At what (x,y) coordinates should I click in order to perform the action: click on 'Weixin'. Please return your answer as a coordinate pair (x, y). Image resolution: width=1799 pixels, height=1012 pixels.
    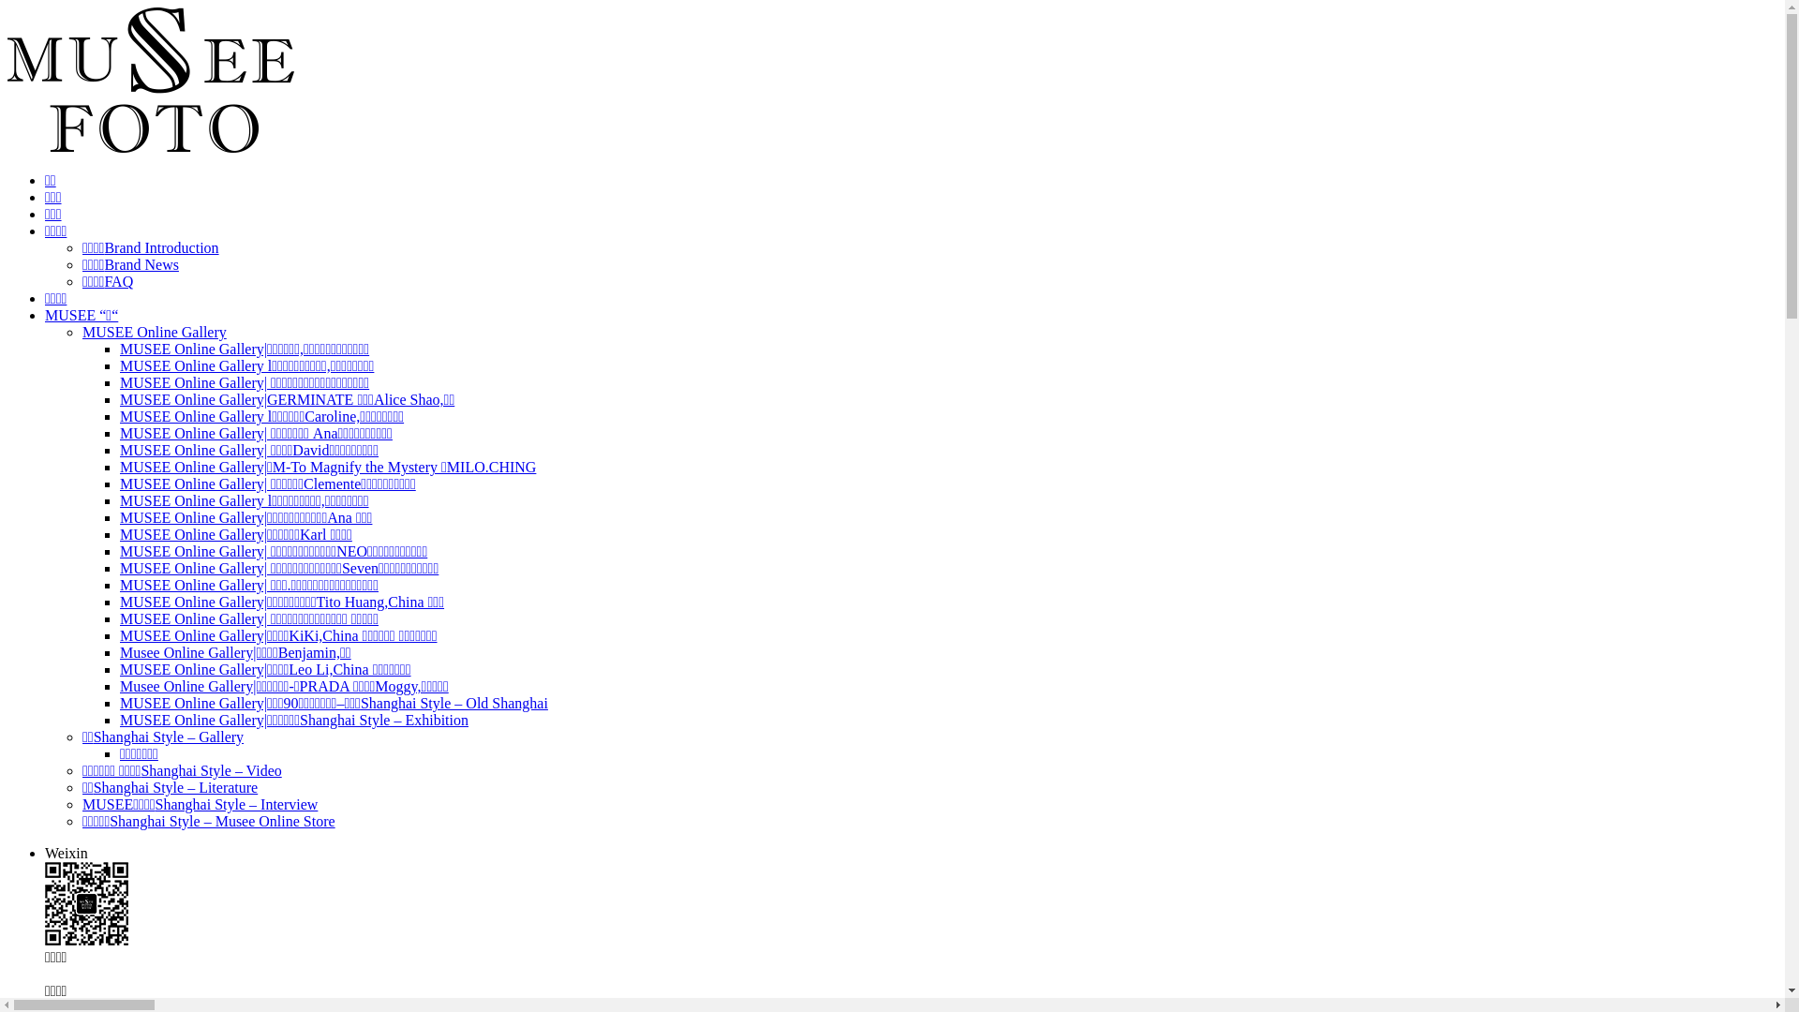
    Looking at the image, I should click on (45, 853).